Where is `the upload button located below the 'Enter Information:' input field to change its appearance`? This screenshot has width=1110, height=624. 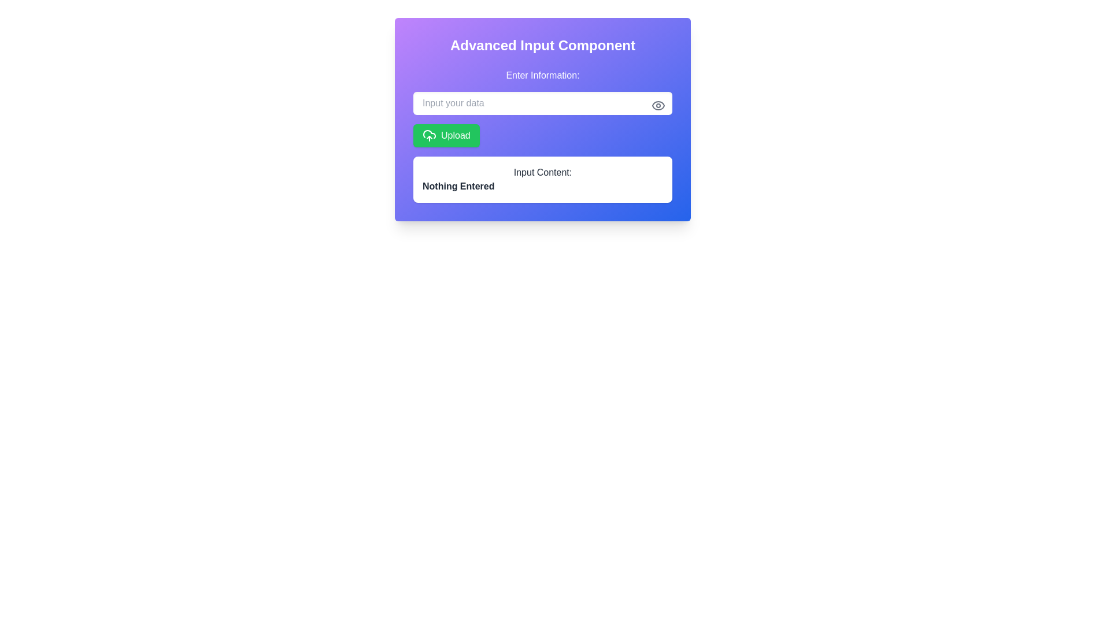 the upload button located below the 'Enter Information:' input field to change its appearance is located at coordinates (446, 135).